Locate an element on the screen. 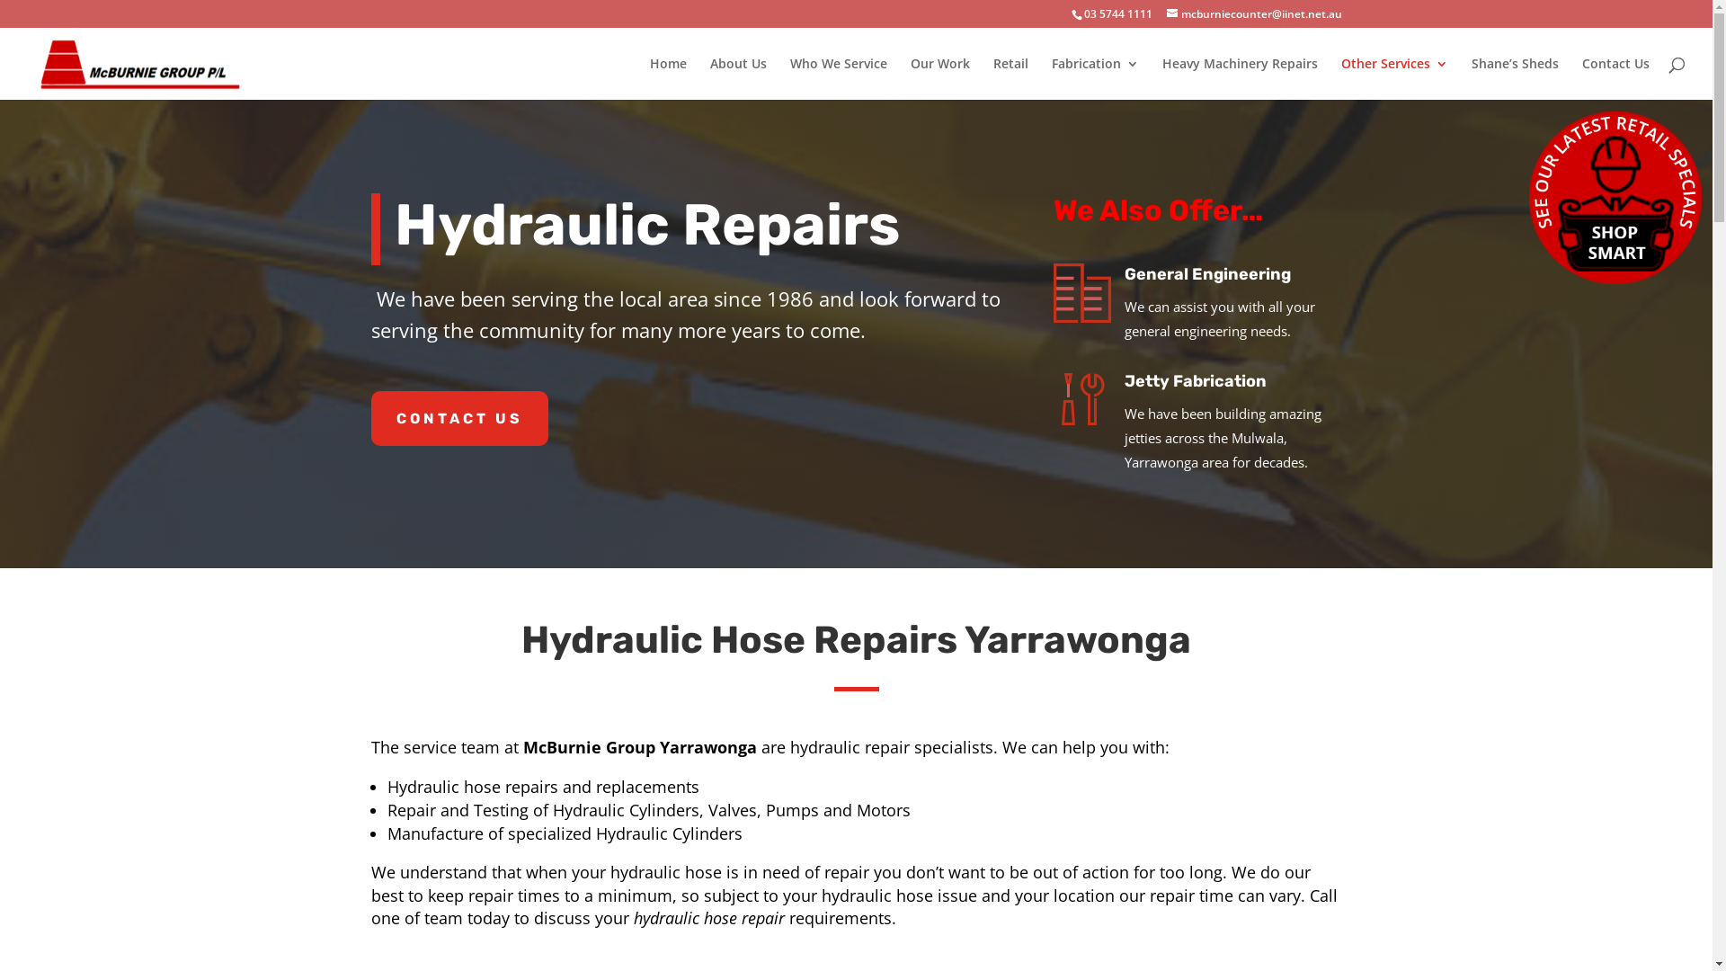  'Contact Us' is located at coordinates (1615, 77).